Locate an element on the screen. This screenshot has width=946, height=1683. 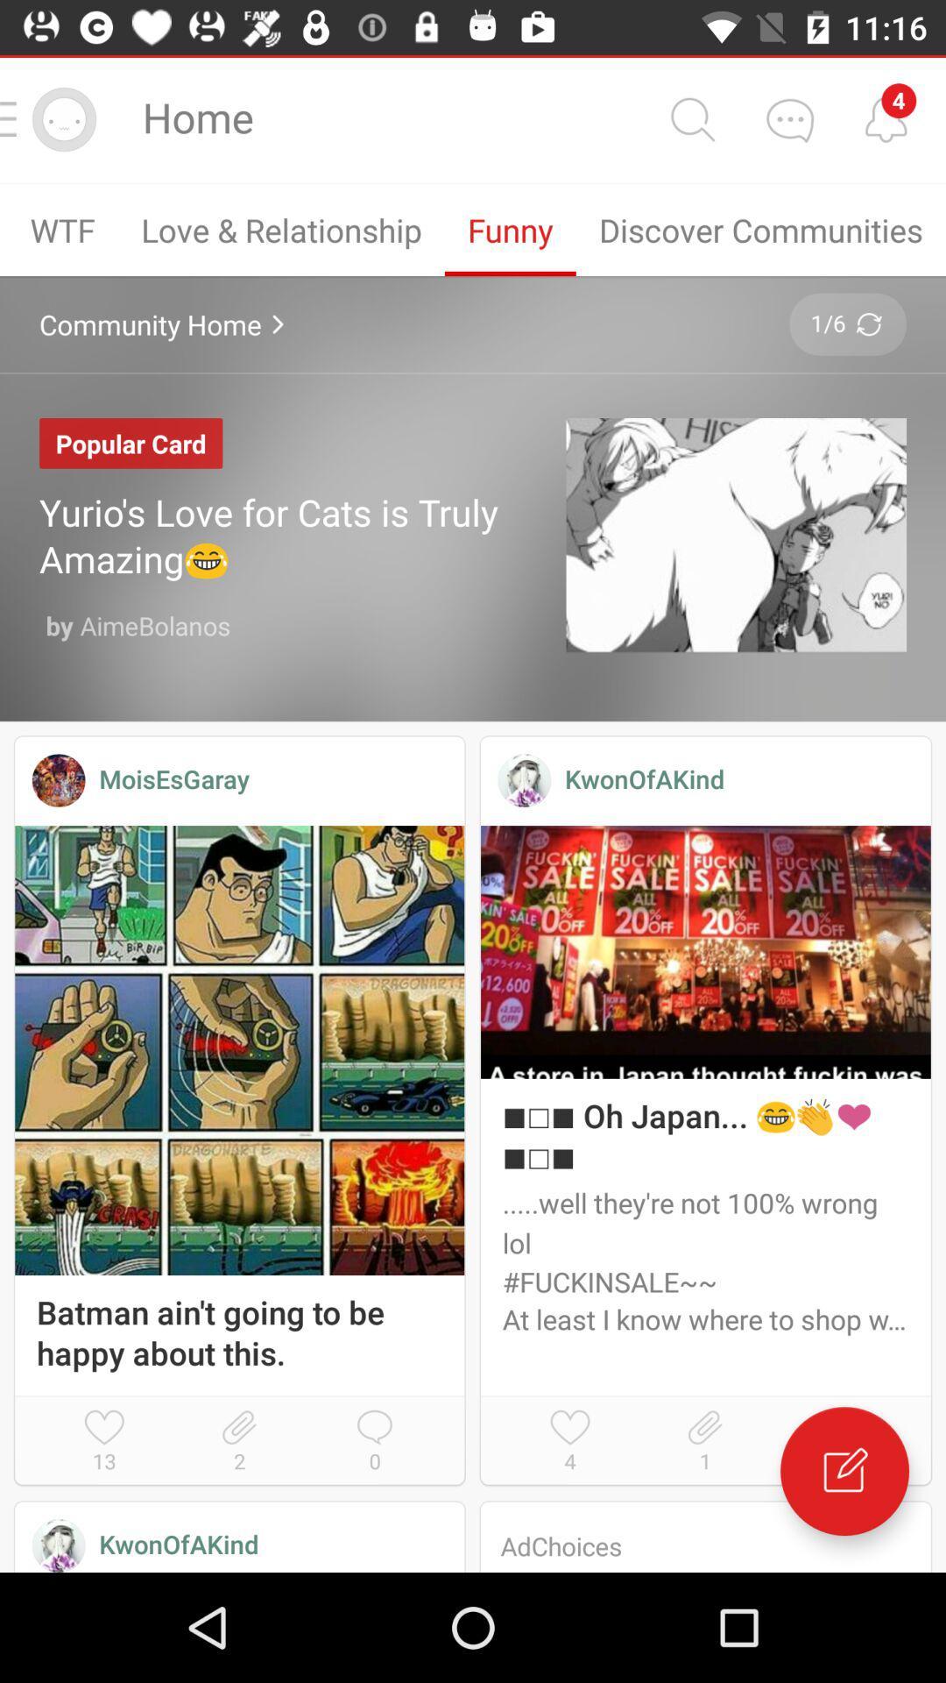
the notifications icon is located at coordinates (886, 118).